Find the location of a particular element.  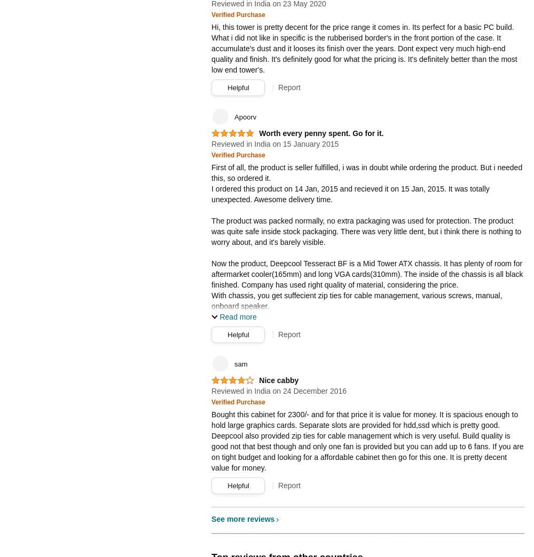

'See more reviews' is located at coordinates (242, 518).